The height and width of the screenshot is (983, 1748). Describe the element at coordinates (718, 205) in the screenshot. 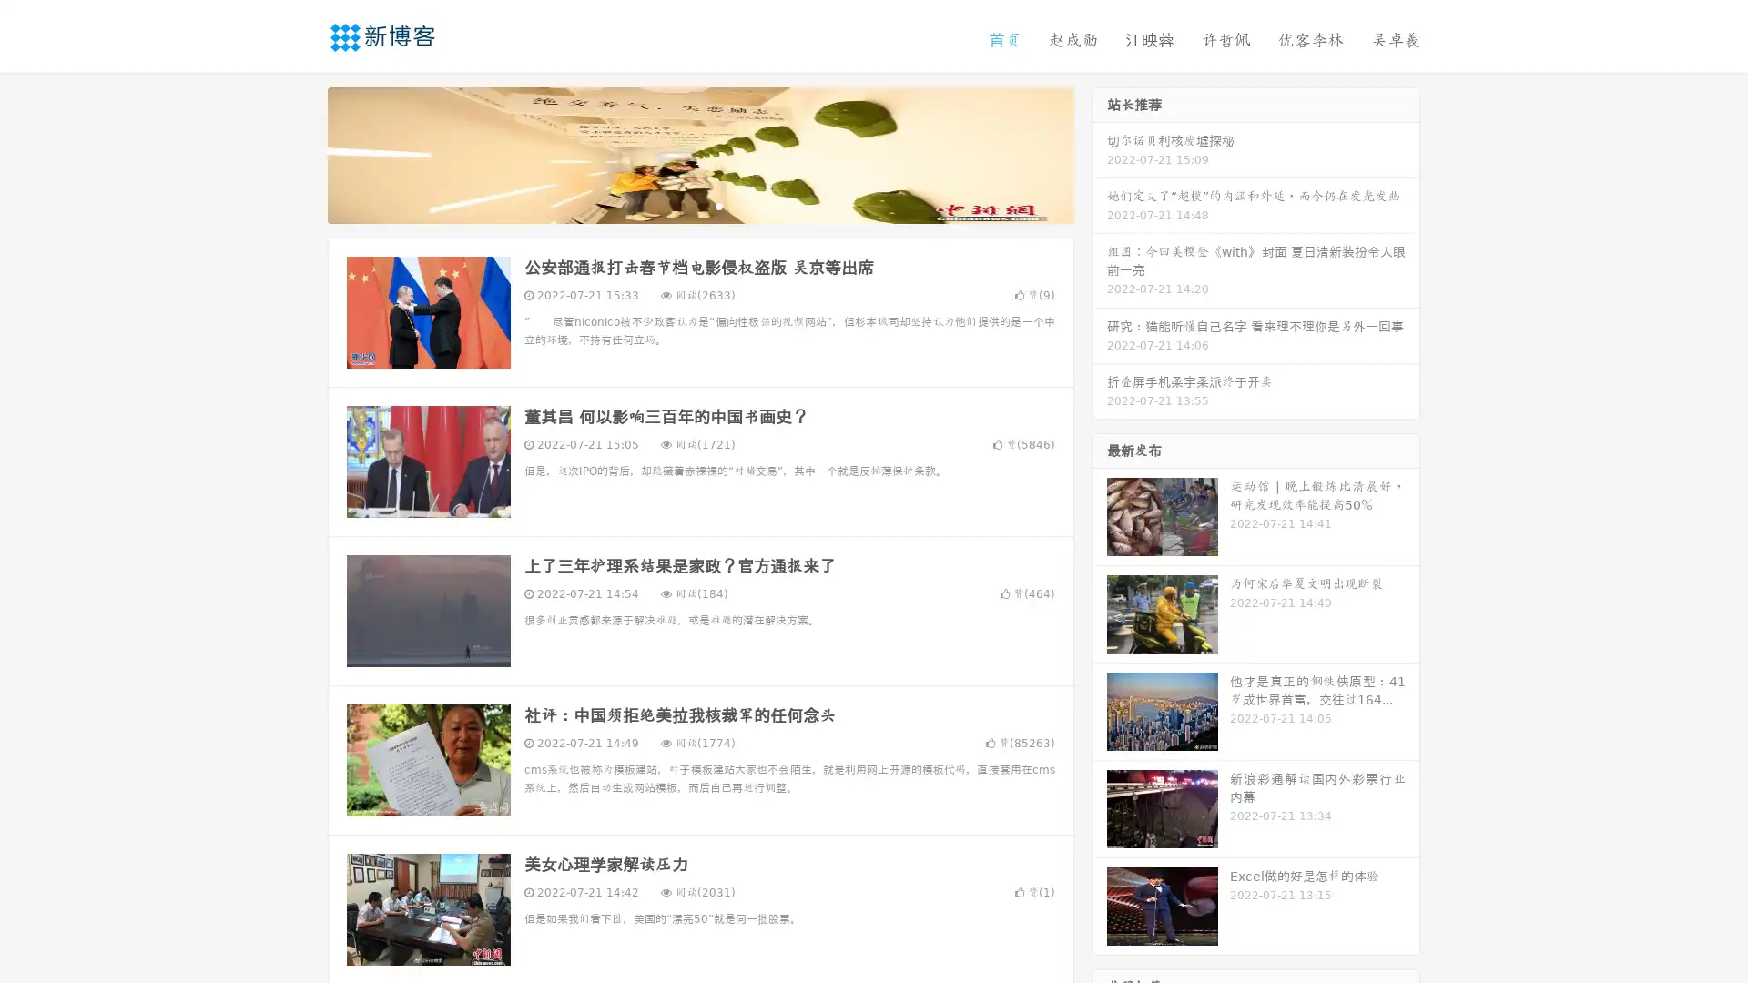

I see `Go to slide 3` at that location.